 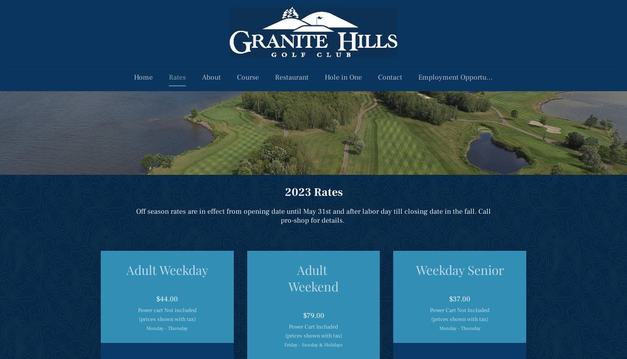 What do you see at coordinates (449, 299) in the screenshot?
I see `'$37.00'` at bounding box center [449, 299].